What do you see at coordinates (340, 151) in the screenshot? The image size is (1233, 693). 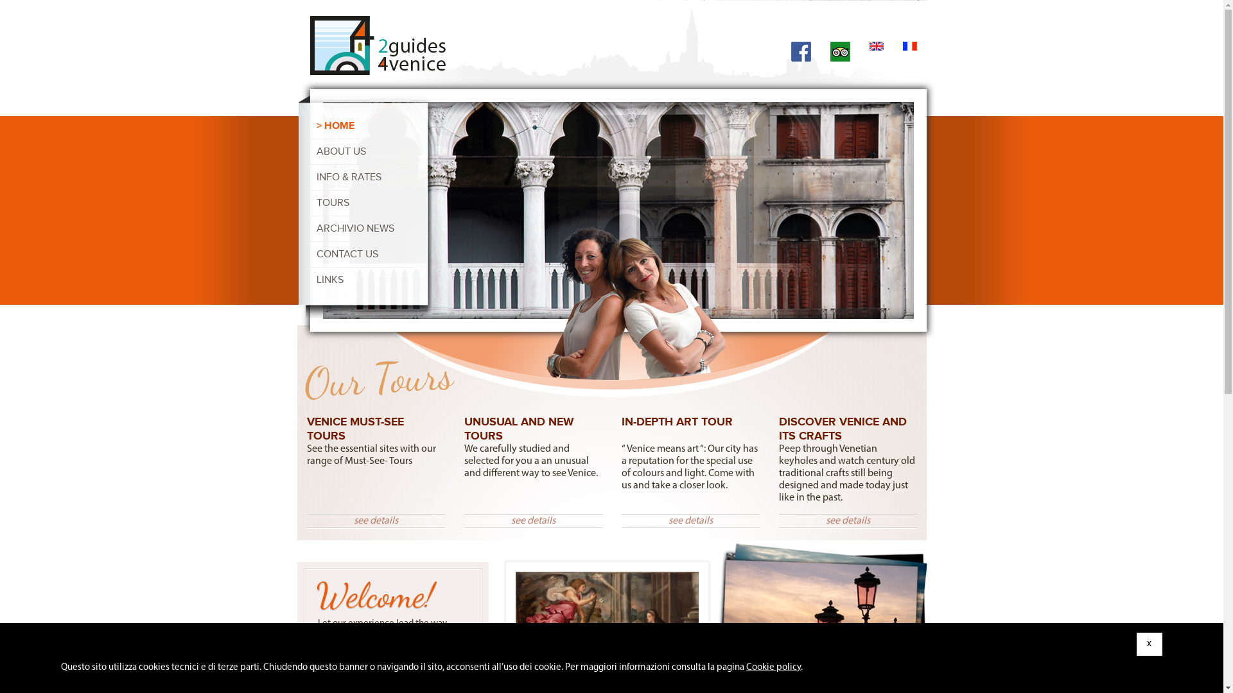 I see `'ABOUT US'` at bounding box center [340, 151].